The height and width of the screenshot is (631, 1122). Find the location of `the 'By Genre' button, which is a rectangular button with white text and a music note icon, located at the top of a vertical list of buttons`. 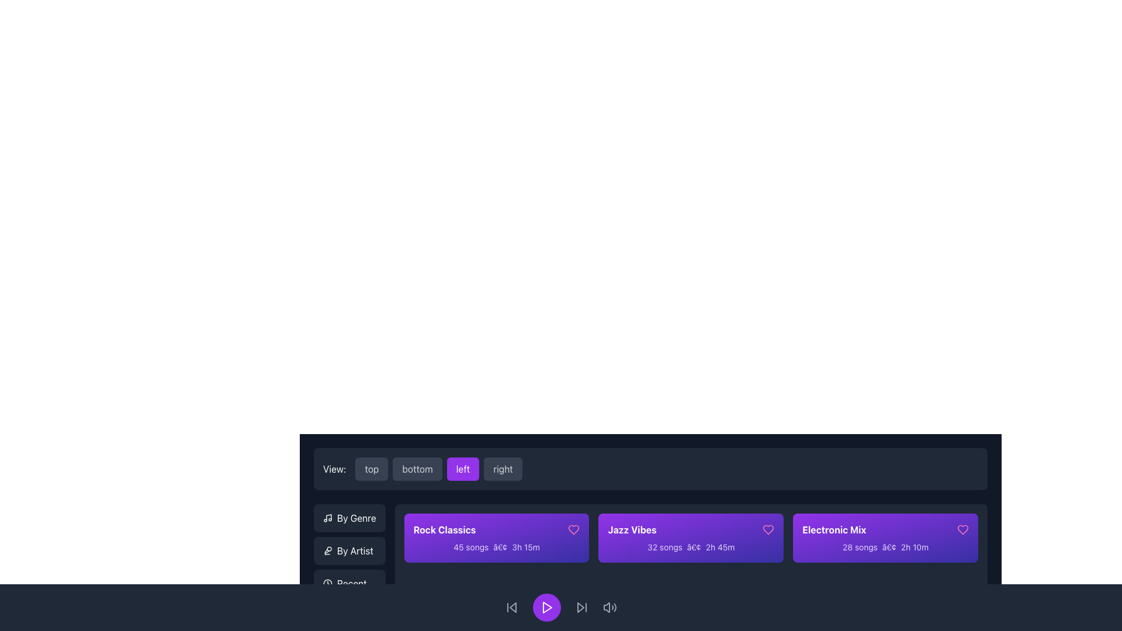

the 'By Genre' button, which is a rectangular button with white text and a music note icon, located at the top of a vertical list of buttons is located at coordinates (349, 518).